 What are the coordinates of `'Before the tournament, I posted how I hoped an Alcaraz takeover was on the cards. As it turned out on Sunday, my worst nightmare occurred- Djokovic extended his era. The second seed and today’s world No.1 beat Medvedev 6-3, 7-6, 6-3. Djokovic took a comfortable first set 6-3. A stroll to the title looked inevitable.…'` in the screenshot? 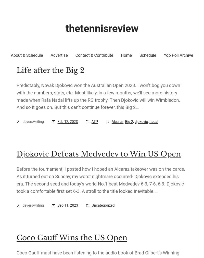 It's located at (100, 180).